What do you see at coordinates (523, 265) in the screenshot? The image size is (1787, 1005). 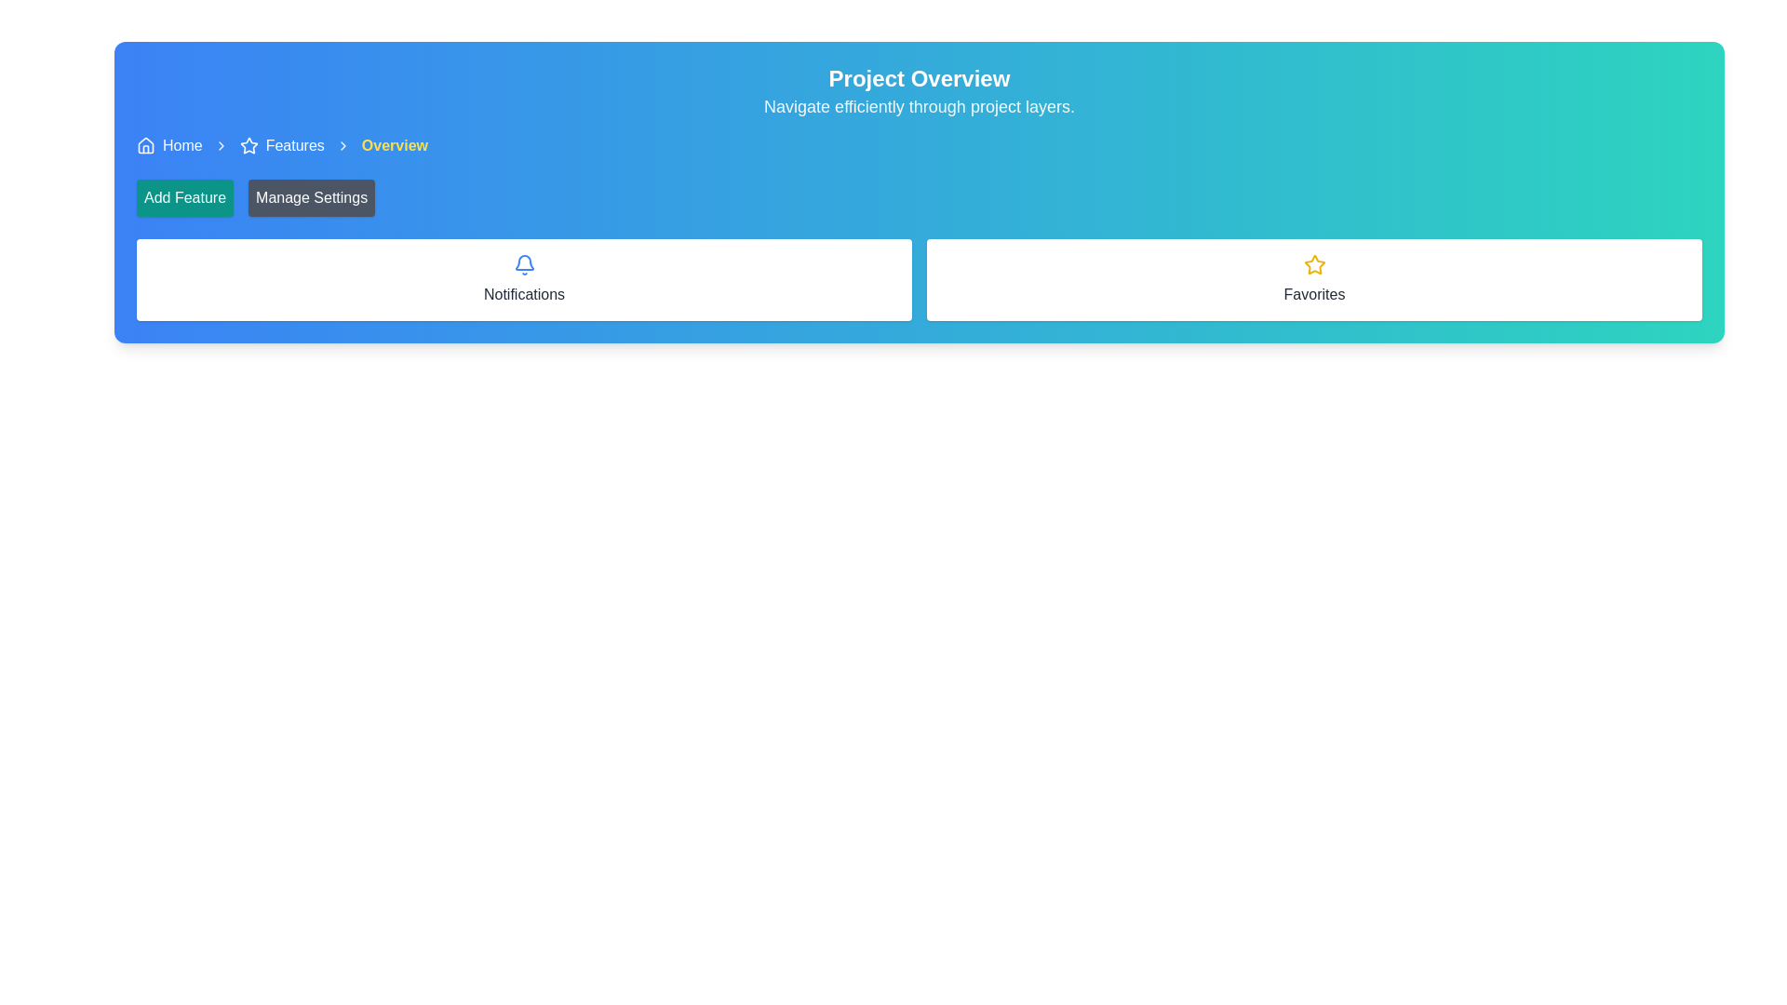 I see `the notification icon located above the 'Notifications' text in the white box under the 'Project Overview' header` at bounding box center [523, 265].